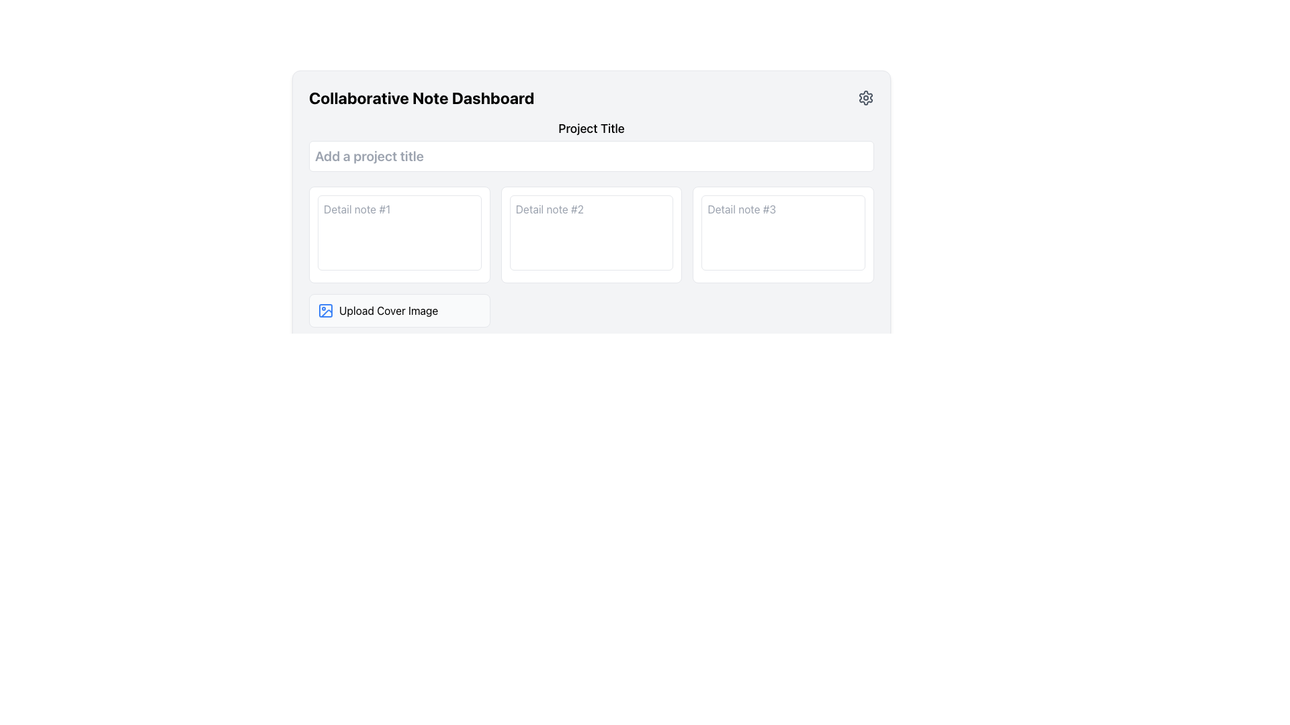 The width and height of the screenshot is (1290, 725). Describe the element at coordinates (388, 310) in the screenshot. I see `the instruction label prompting the user to upload a cover image, located below the input fields and to the right of the blue image icon` at that location.